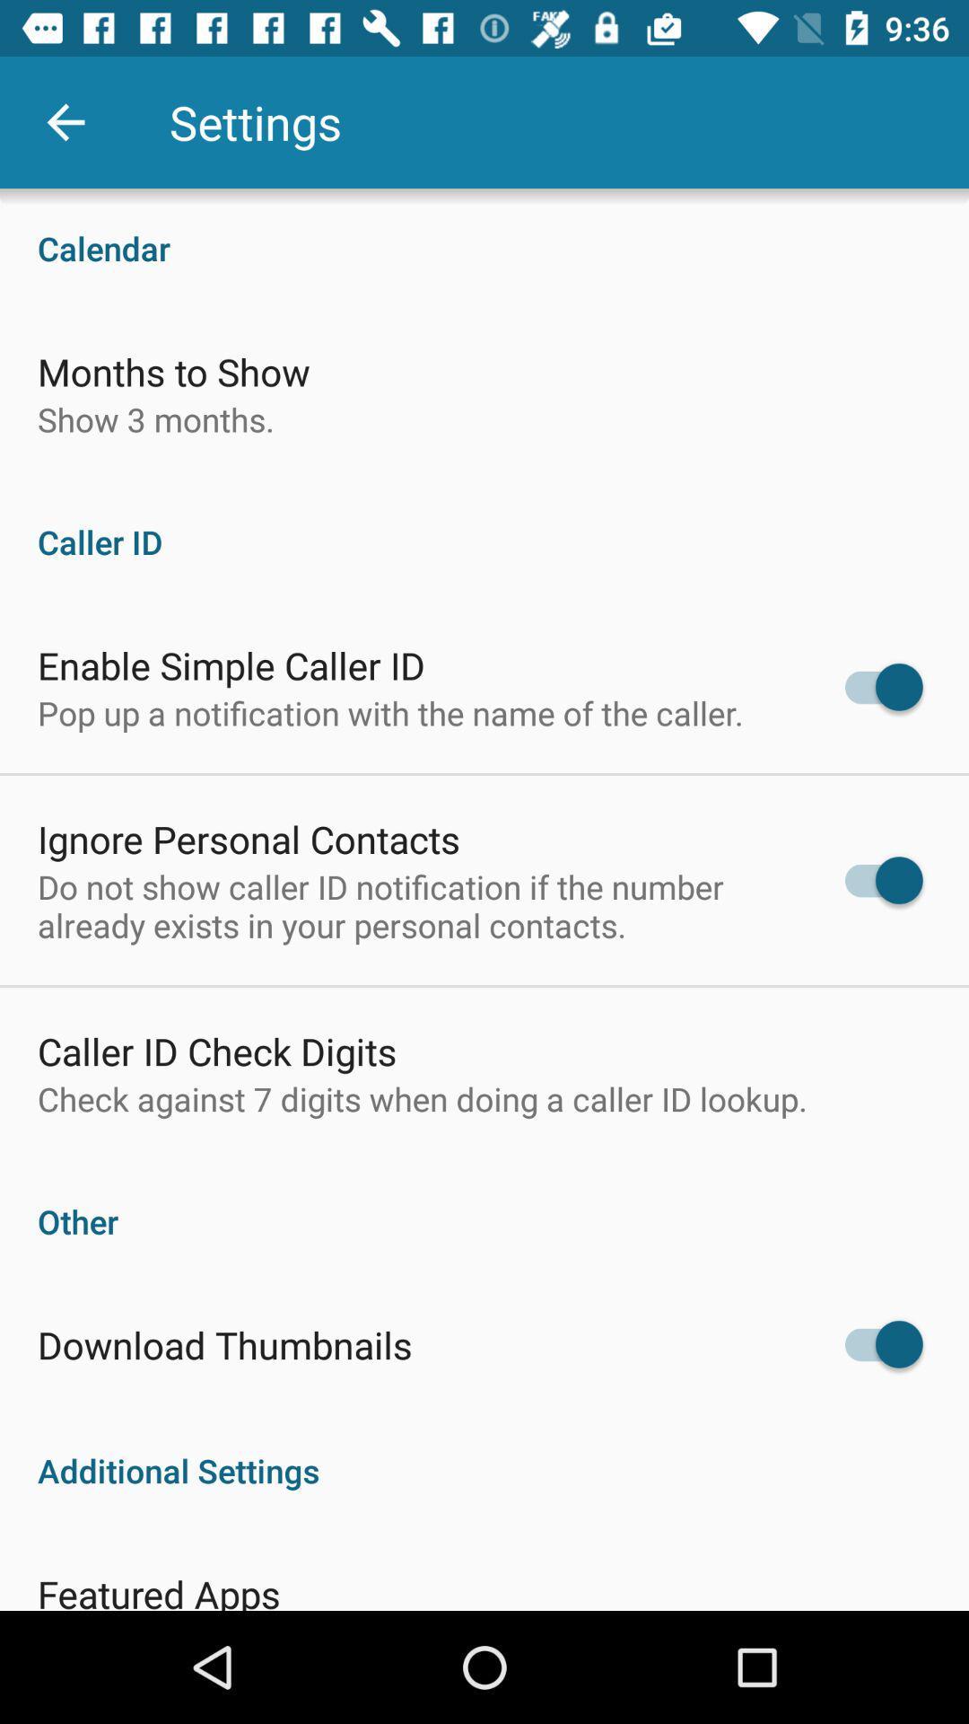  What do you see at coordinates (65, 121) in the screenshot?
I see `icon to the left of the settings item` at bounding box center [65, 121].